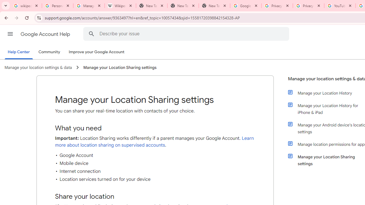 The image size is (365, 205). Describe the element at coordinates (155, 141) in the screenshot. I see `'Learn more about location sharing on supervised accounts'` at that location.